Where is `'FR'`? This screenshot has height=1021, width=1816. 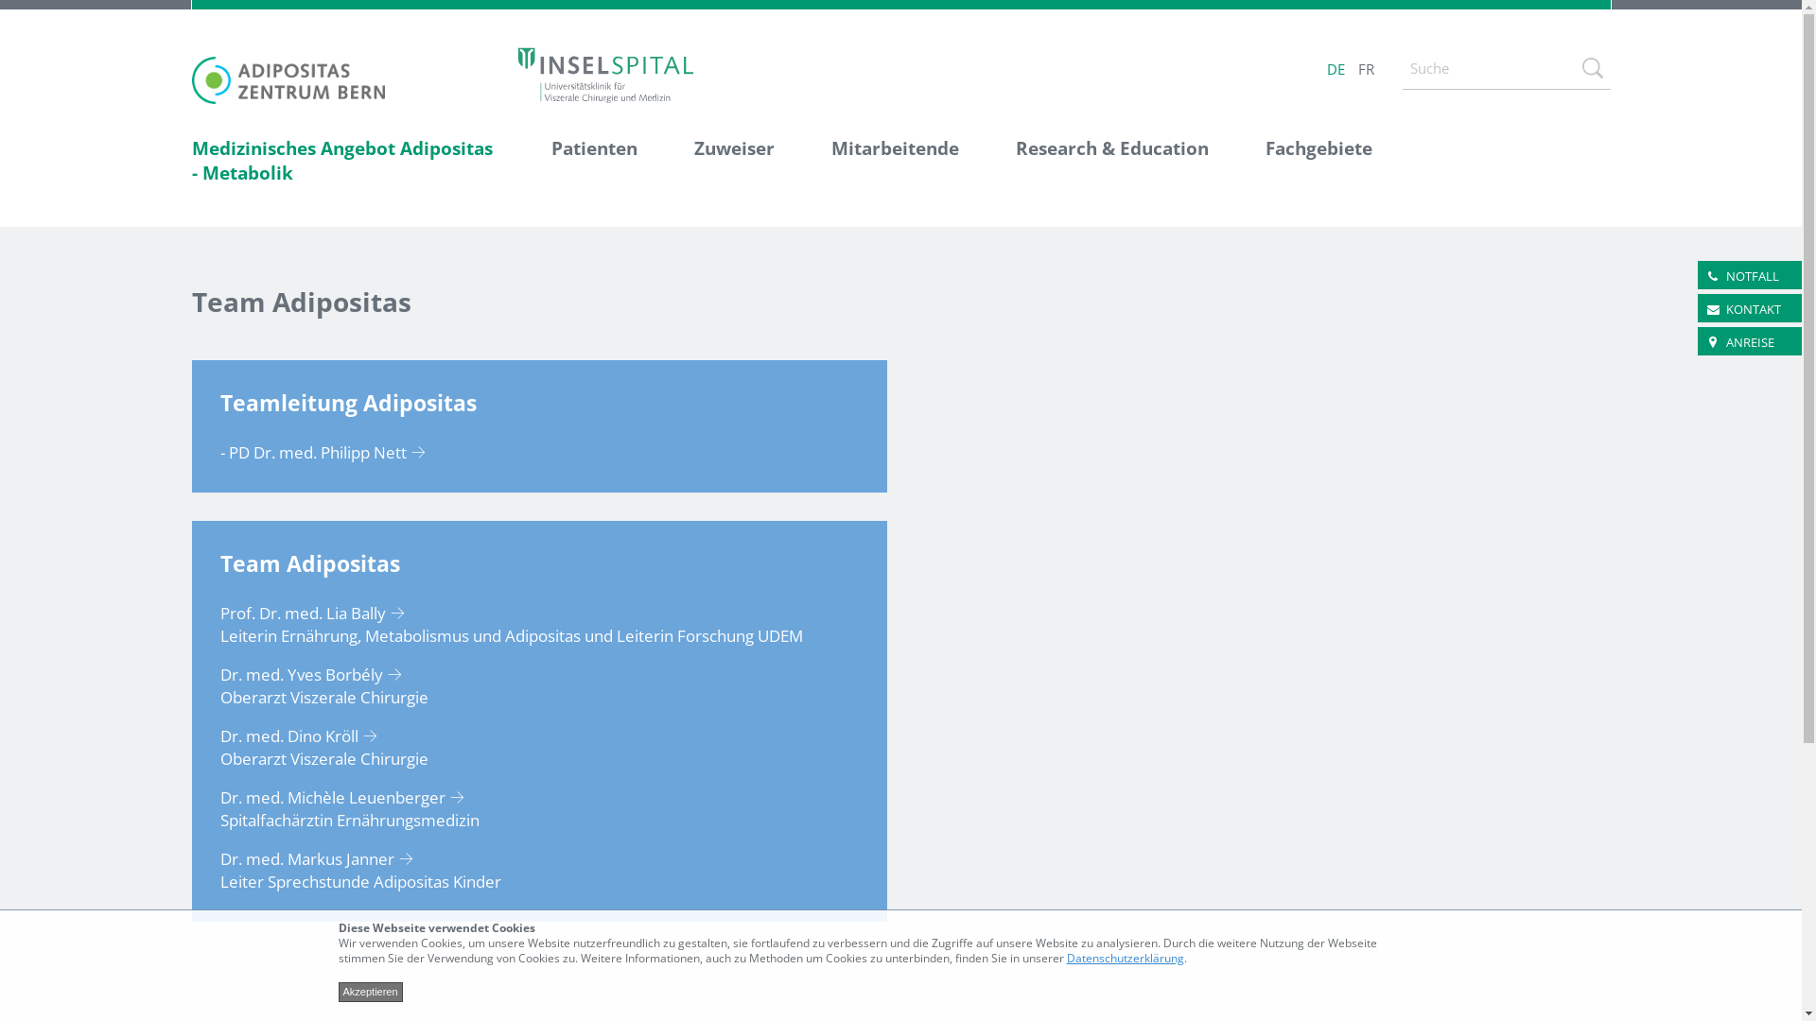
'FR' is located at coordinates (1365, 68).